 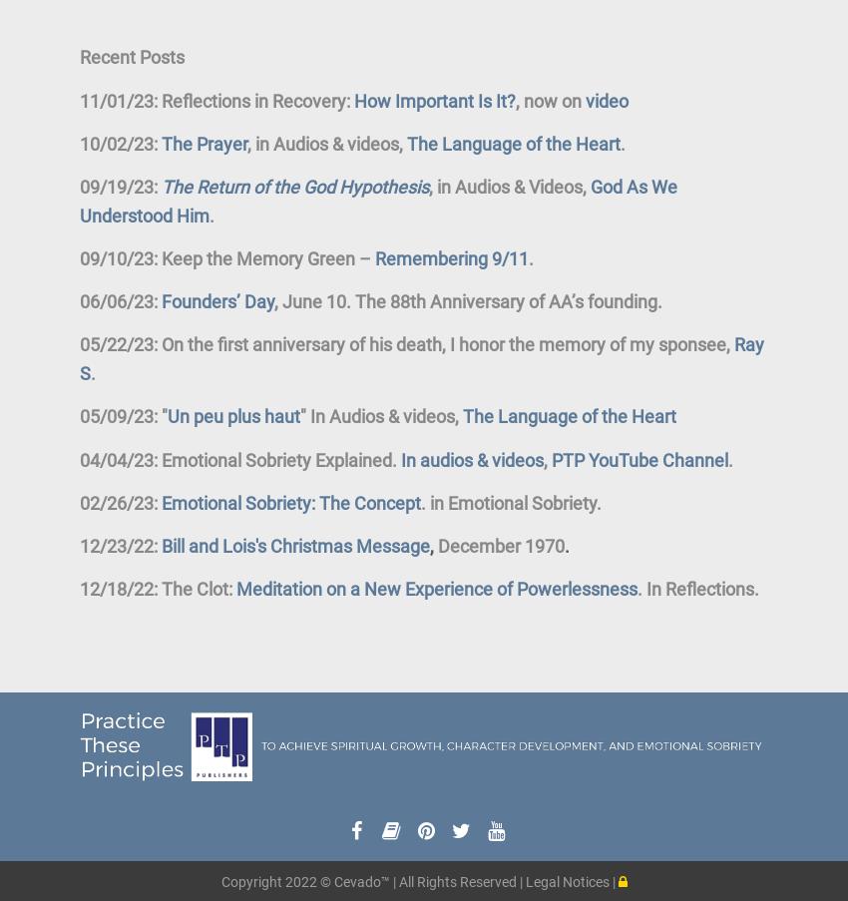 What do you see at coordinates (216, 100) in the screenshot?
I see `'11/01/23: Reflections in Recovery:'` at bounding box center [216, 100].